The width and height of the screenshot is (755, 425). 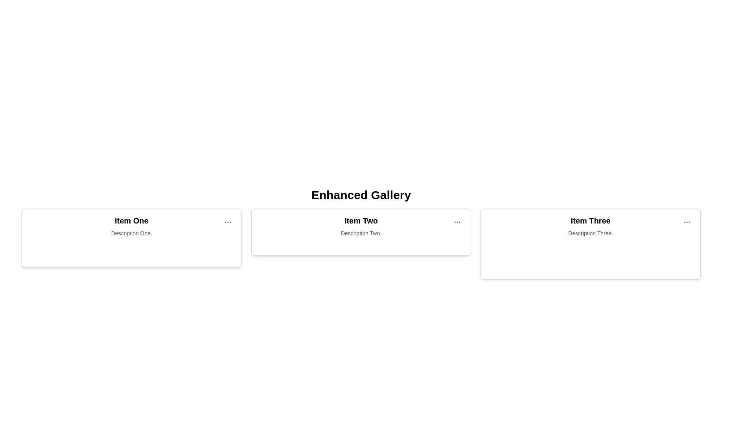 What do you see at coordinates (361, 233) in the screenshot?
I see `the static text element that provides a supplementary description for the associated card item, located below 'Item Two' in the center card of the gallery layout` at bounding box center [361, 233].